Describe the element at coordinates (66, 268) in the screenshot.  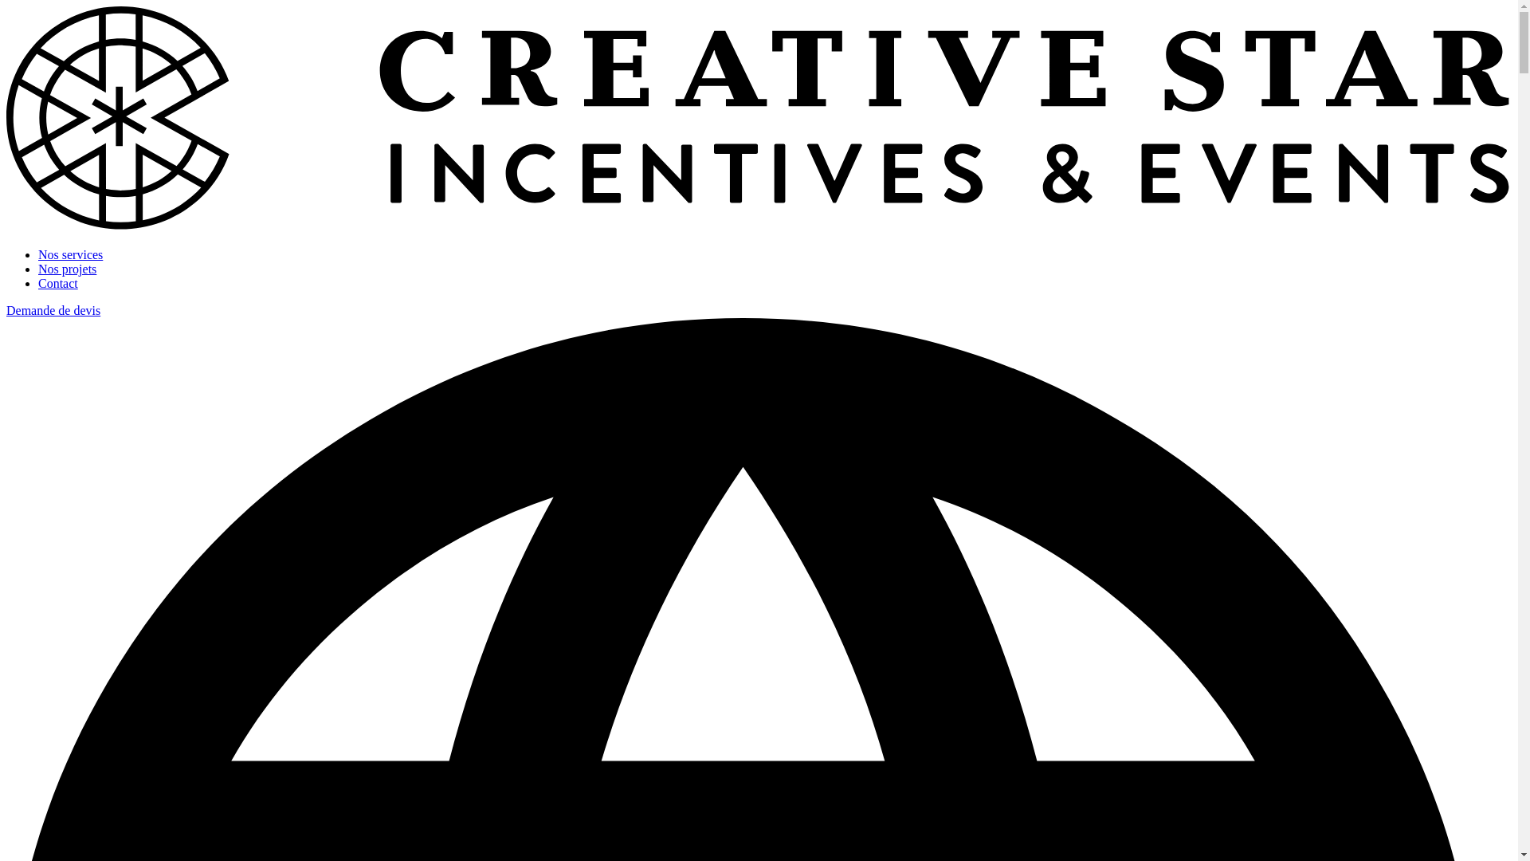
I see `'Nos projets'` at that location.